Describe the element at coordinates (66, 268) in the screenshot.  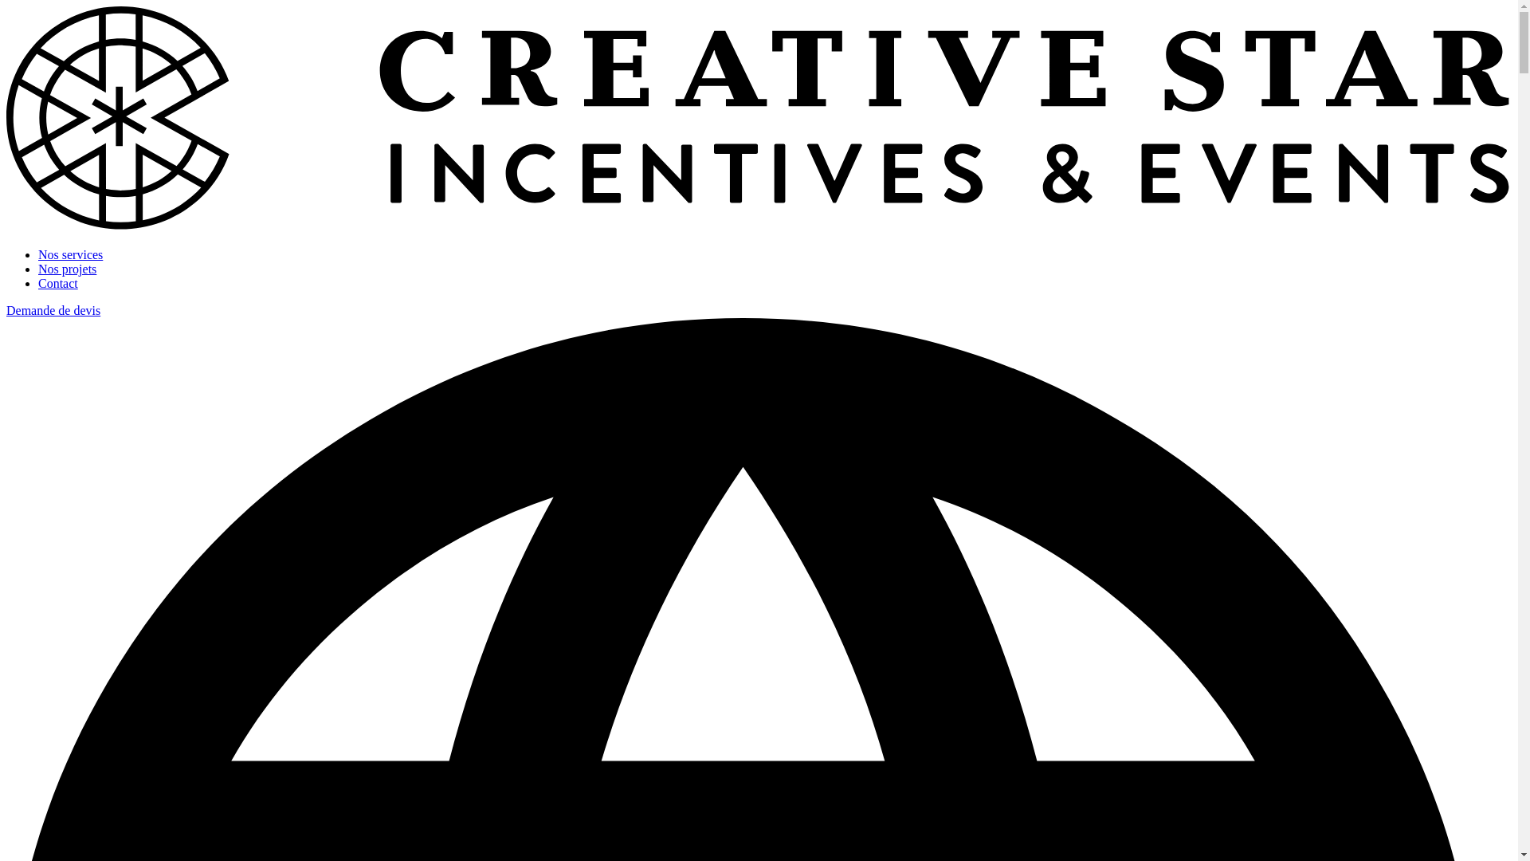
I see `'Nos projets'` at that location.